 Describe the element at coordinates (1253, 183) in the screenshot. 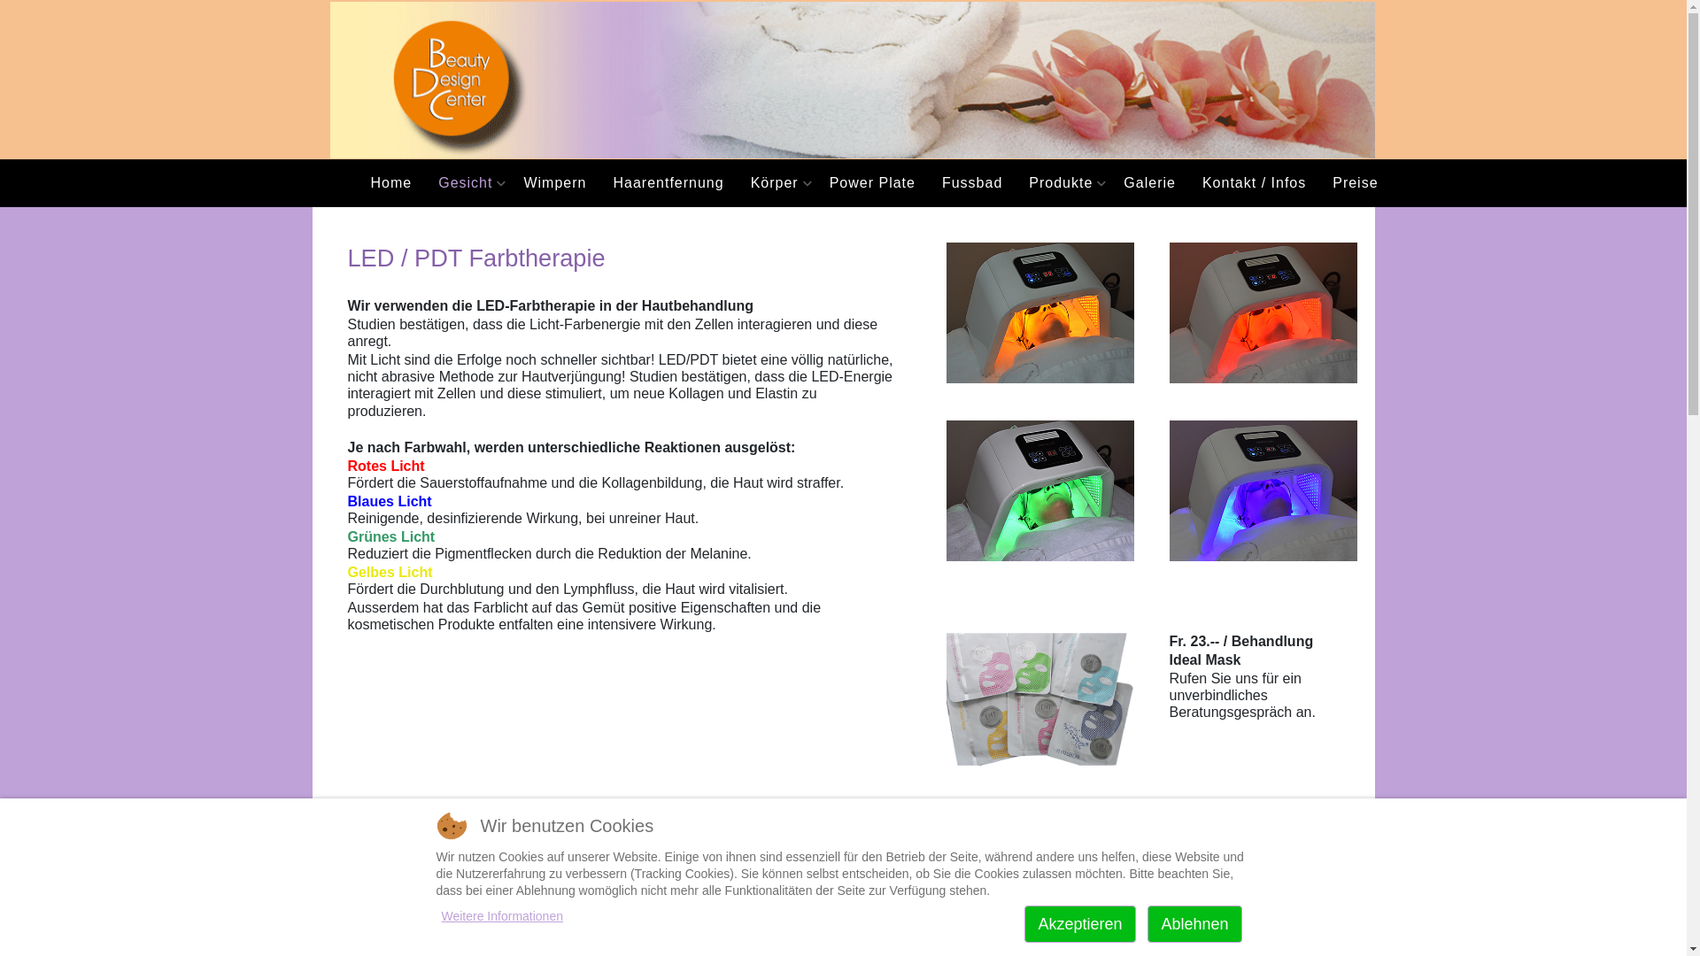

I see `'Kontakt / Infos'` at that location.